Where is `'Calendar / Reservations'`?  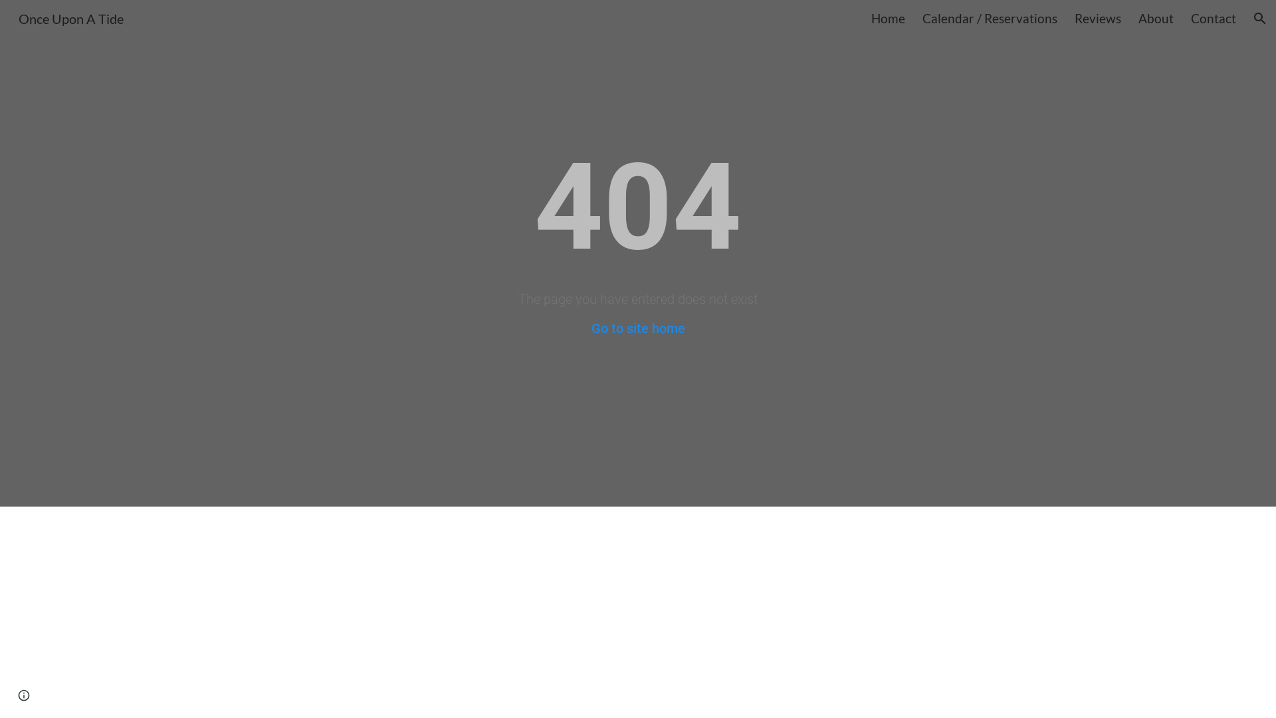 'Calendar / Reservations' is located at coordinates (921, 18).